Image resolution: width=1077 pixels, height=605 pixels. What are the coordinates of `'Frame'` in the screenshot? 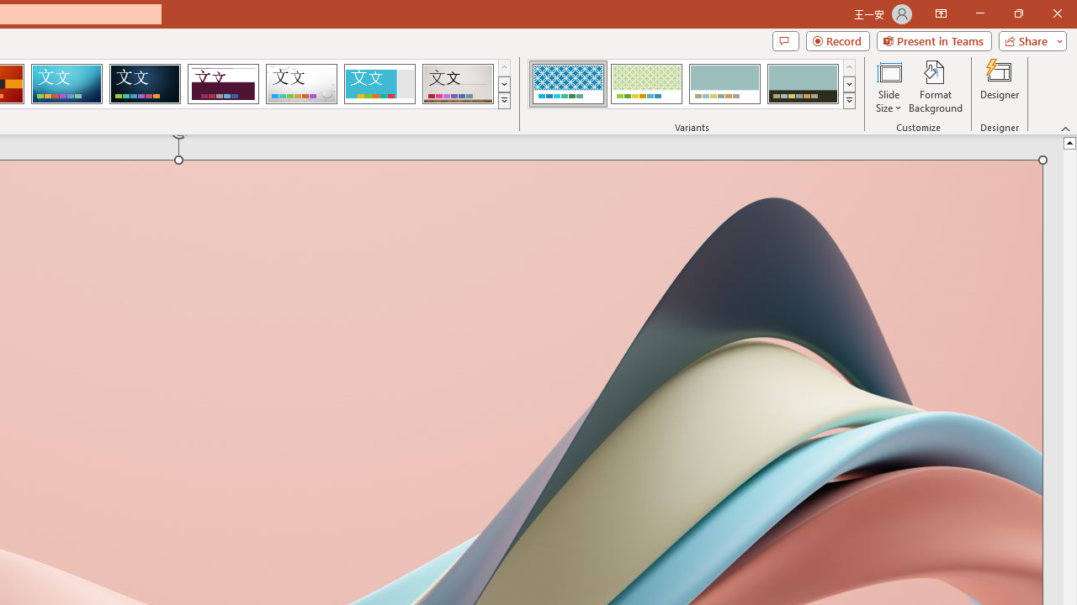 It's located at (379, 84).